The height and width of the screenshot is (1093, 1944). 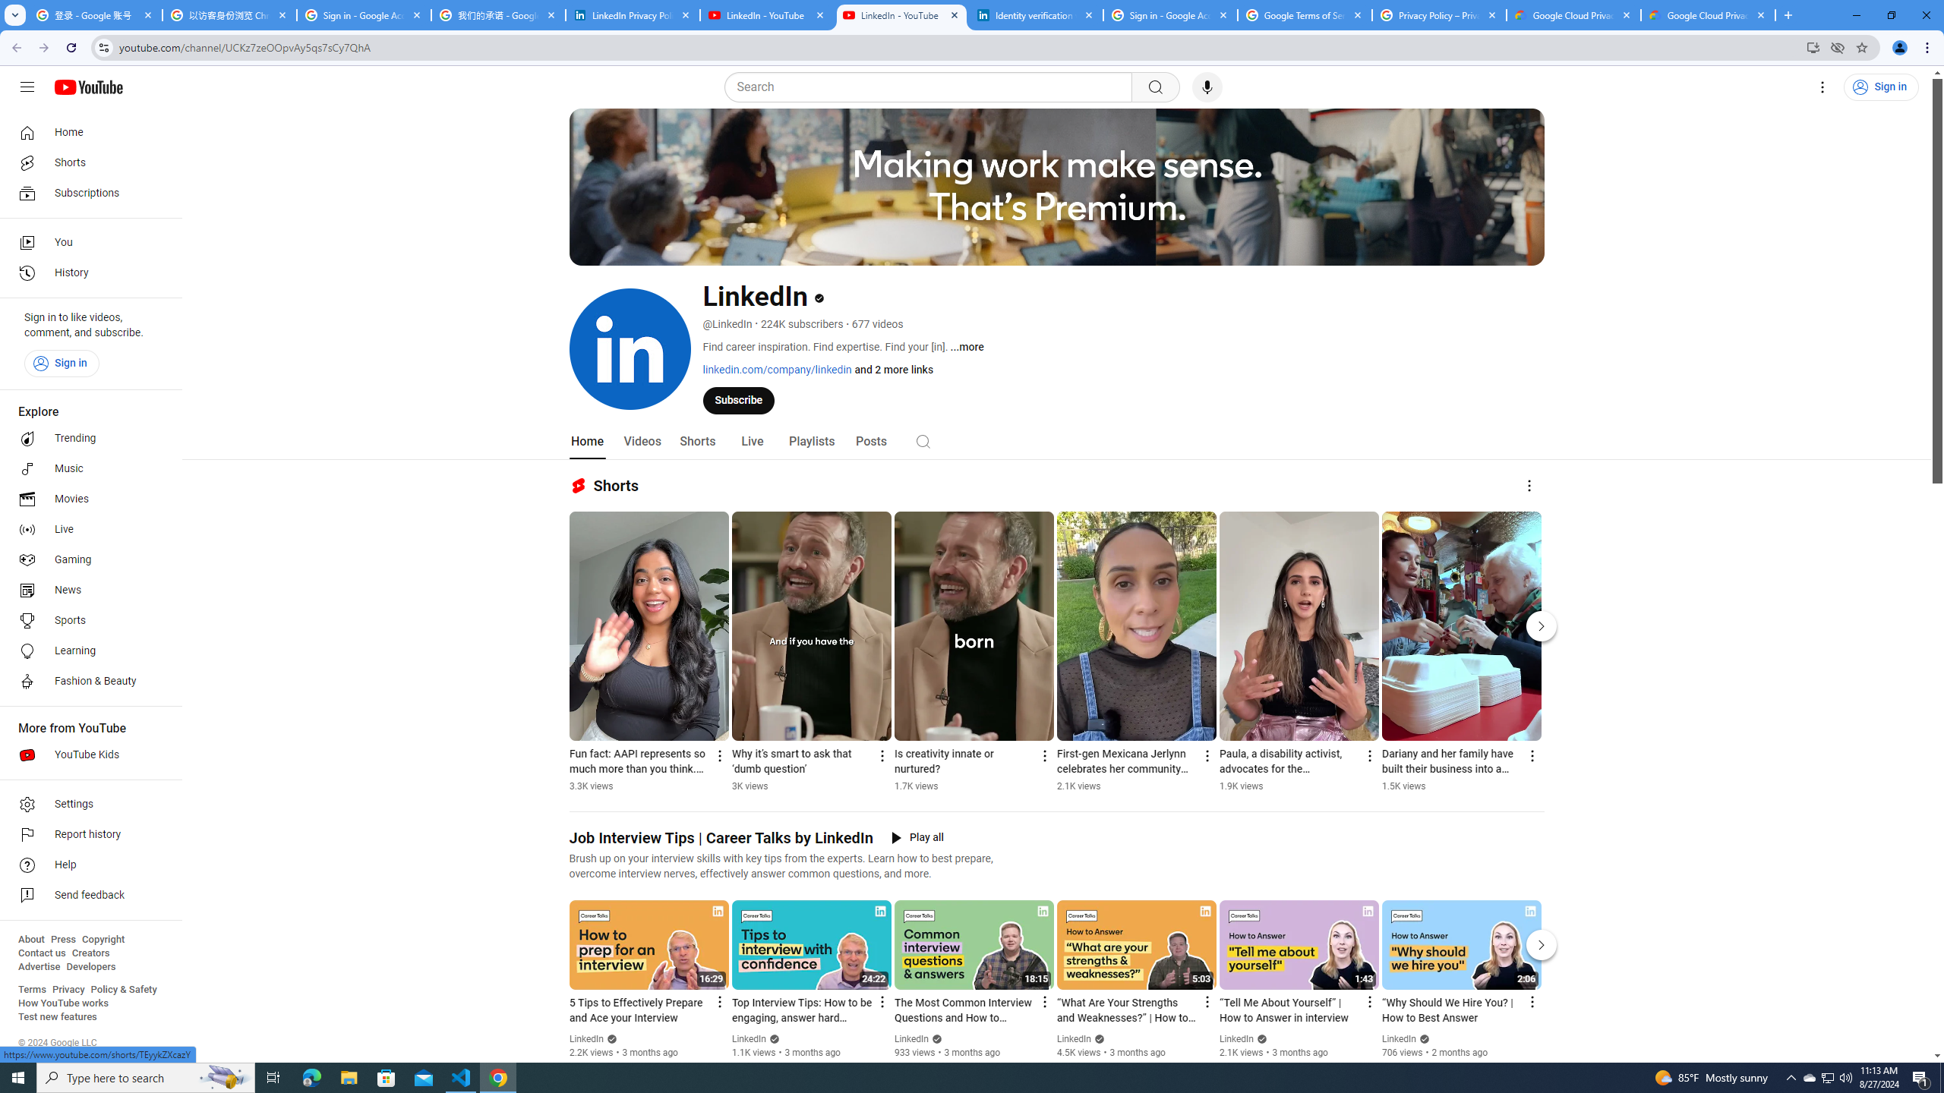 I want to click on 'Install YouTube', so click(x=1813, y=46).